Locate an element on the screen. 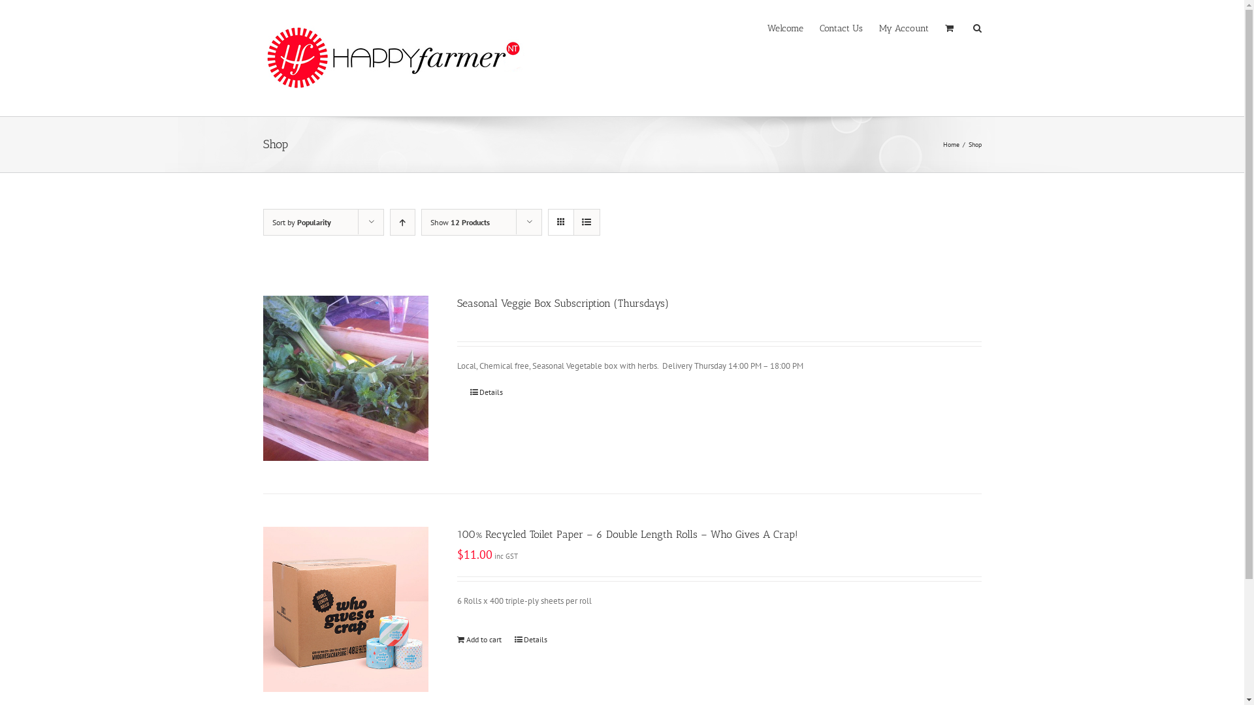 The image size is (1254, 705). 'Sort by Popularity' is located at coordinates (300, 221).